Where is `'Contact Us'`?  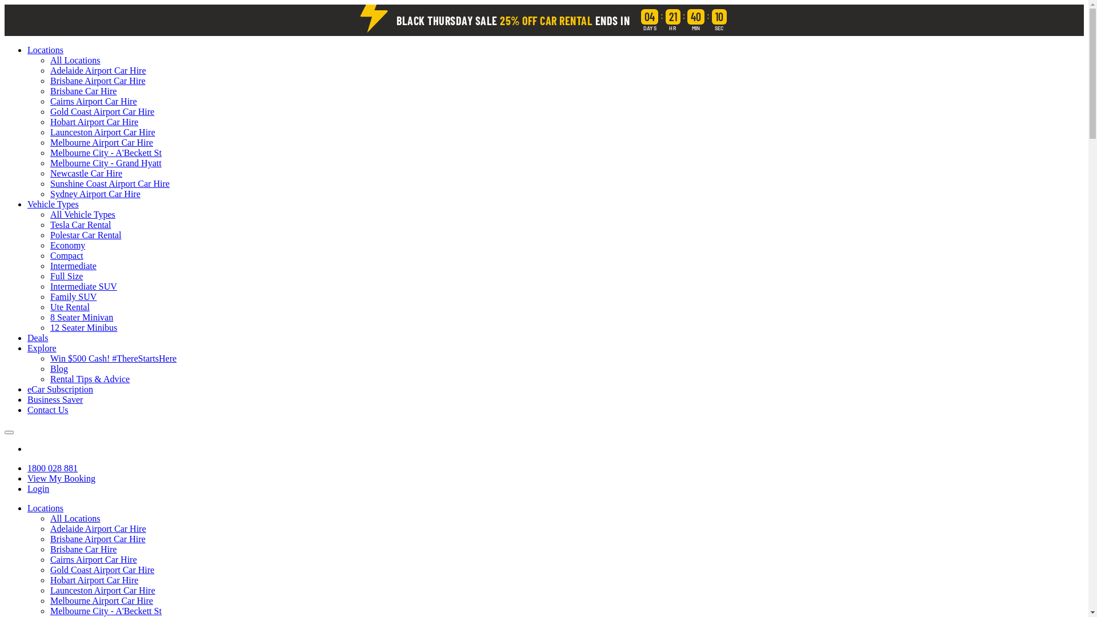 'Contact Us' is located at coordinates (47, 409).